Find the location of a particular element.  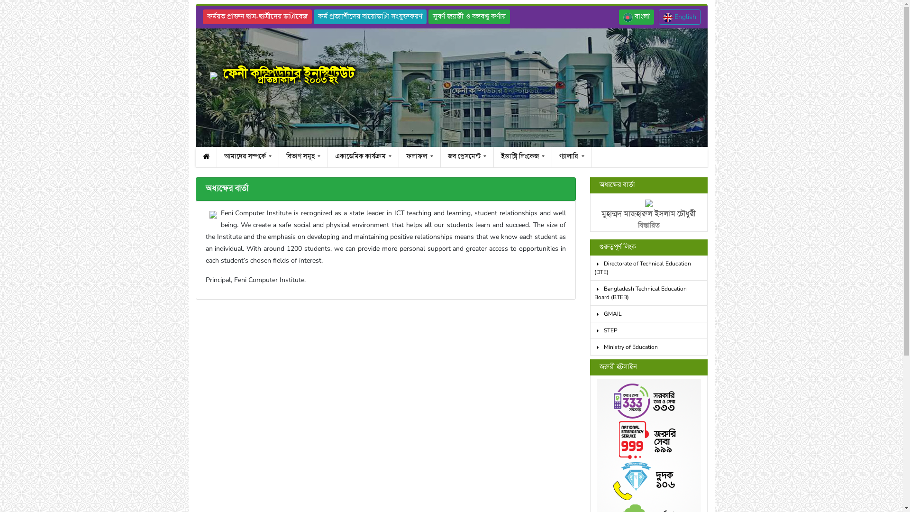

'  Bangladesh Technical Education Board (BTEB)' is located at coordinates (589, 293).